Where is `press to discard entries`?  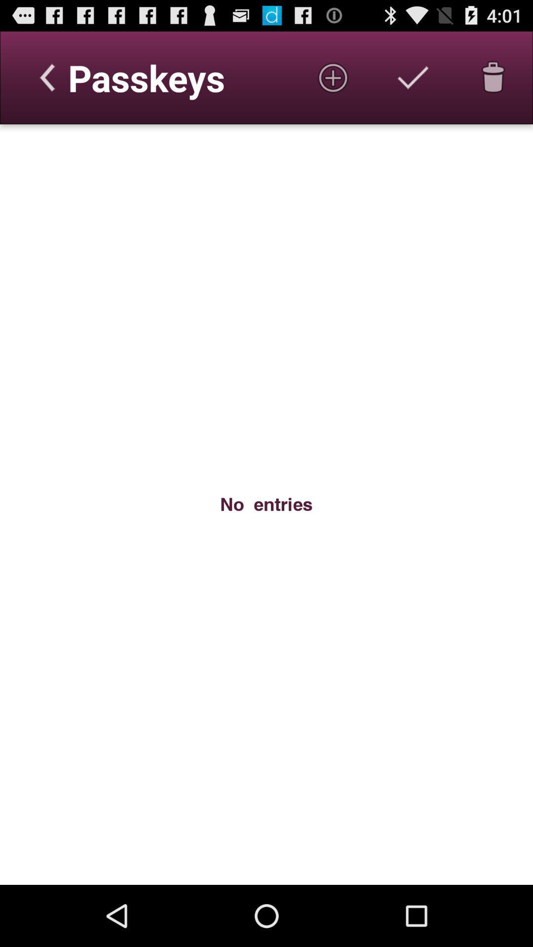
press to discard entries is located at coordinates (493, 77).